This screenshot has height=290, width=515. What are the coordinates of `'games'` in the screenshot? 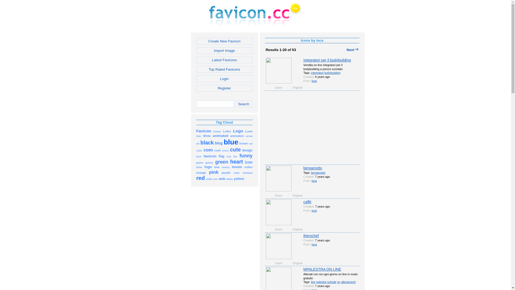 It's located at (209, 162).